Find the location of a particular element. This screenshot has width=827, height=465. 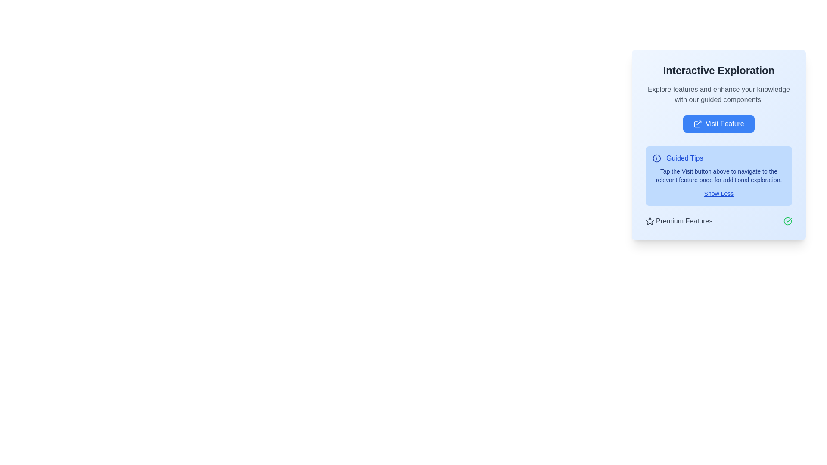

the circular, blue-bordered icon containing the letter 'i', which is positioned to the left of the 'Guided Tips' text, for contextual information is located at coordinates (656, 158).